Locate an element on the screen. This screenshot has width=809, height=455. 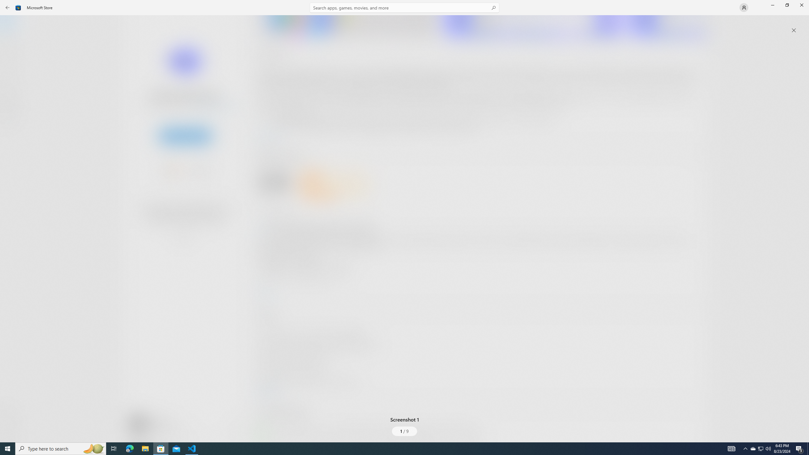
'User profile' is located at coordinates (743, 7).